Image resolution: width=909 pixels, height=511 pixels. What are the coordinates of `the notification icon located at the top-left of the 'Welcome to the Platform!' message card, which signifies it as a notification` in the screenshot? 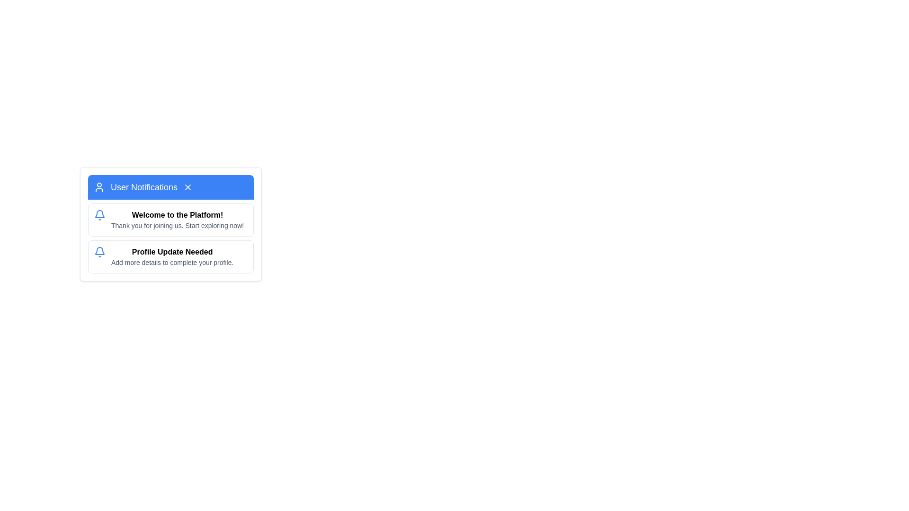 It's located at (100, 215).